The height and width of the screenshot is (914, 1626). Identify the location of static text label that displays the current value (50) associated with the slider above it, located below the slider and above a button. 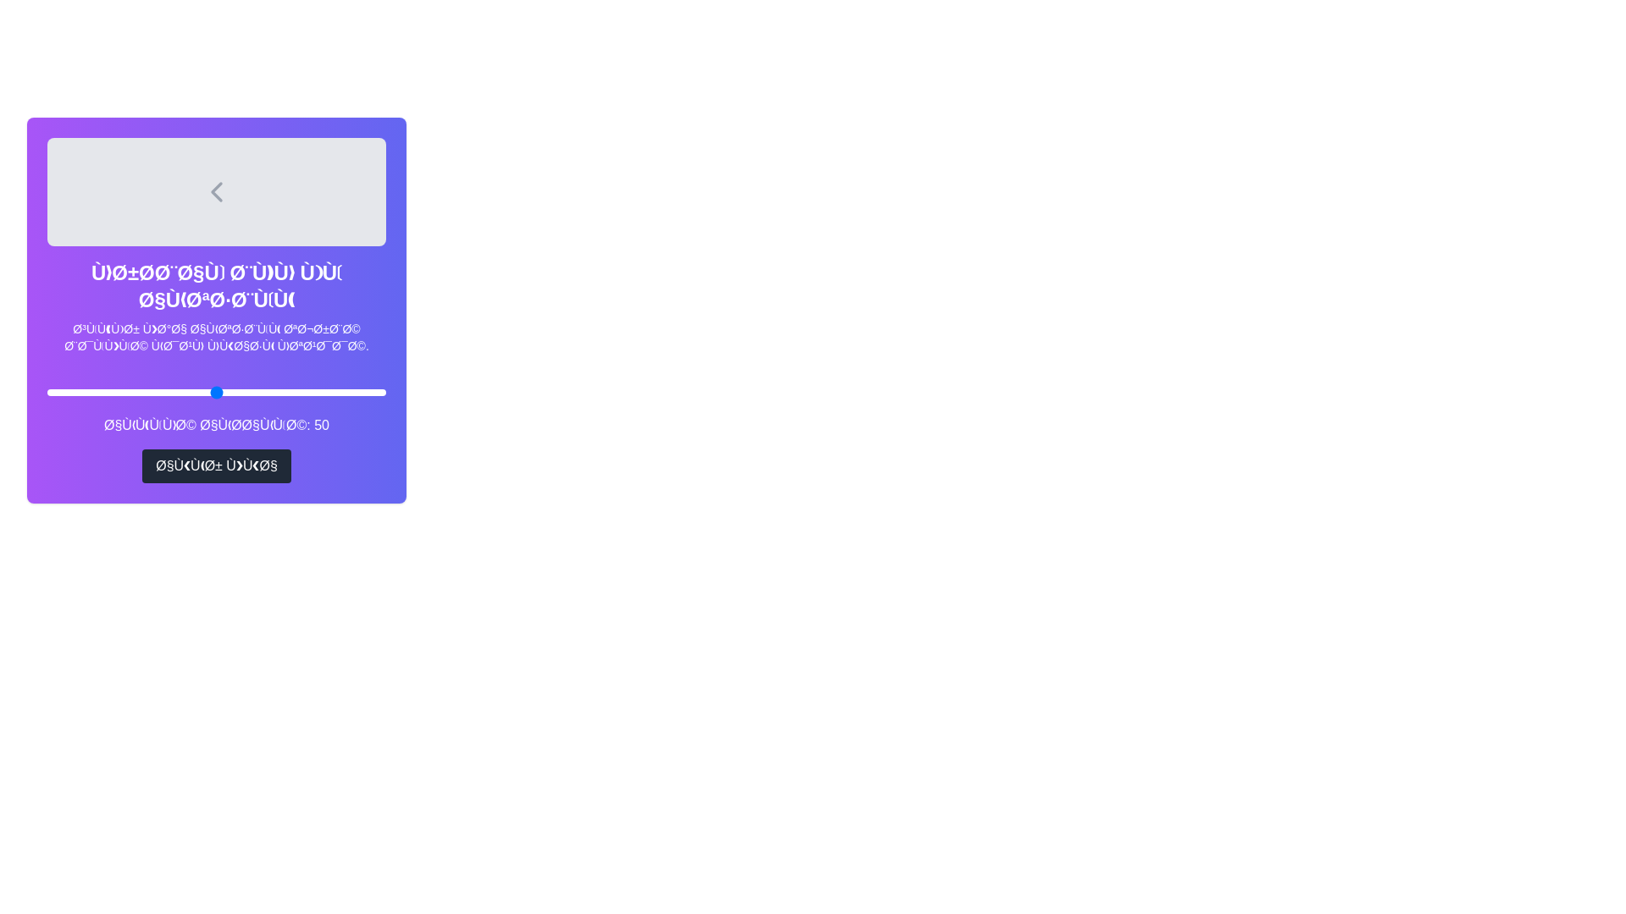
(215, 424).